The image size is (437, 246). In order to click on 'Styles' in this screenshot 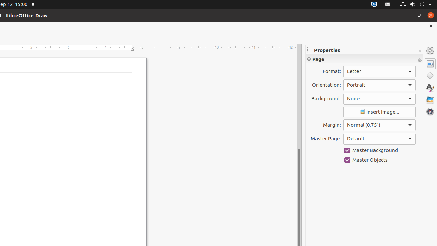, I will do `click(430, 87)`.